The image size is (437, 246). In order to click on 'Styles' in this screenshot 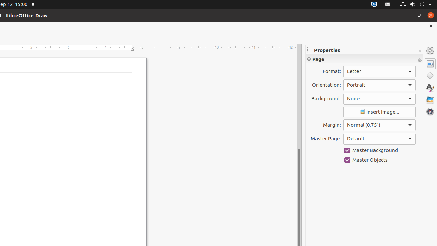, I will do `click(430, 87)`.